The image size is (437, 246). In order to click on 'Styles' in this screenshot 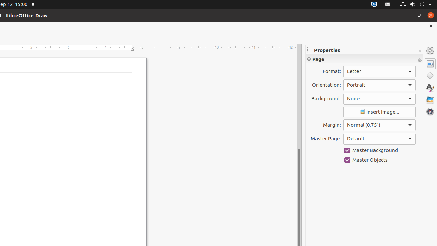, I will do `click(430, 87)`.